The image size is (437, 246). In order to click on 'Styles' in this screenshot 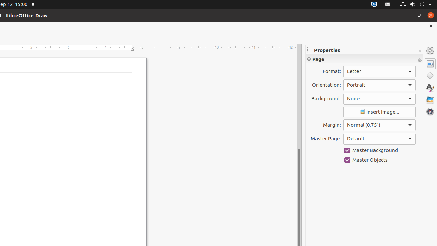, I will do `click(430, 87)`.